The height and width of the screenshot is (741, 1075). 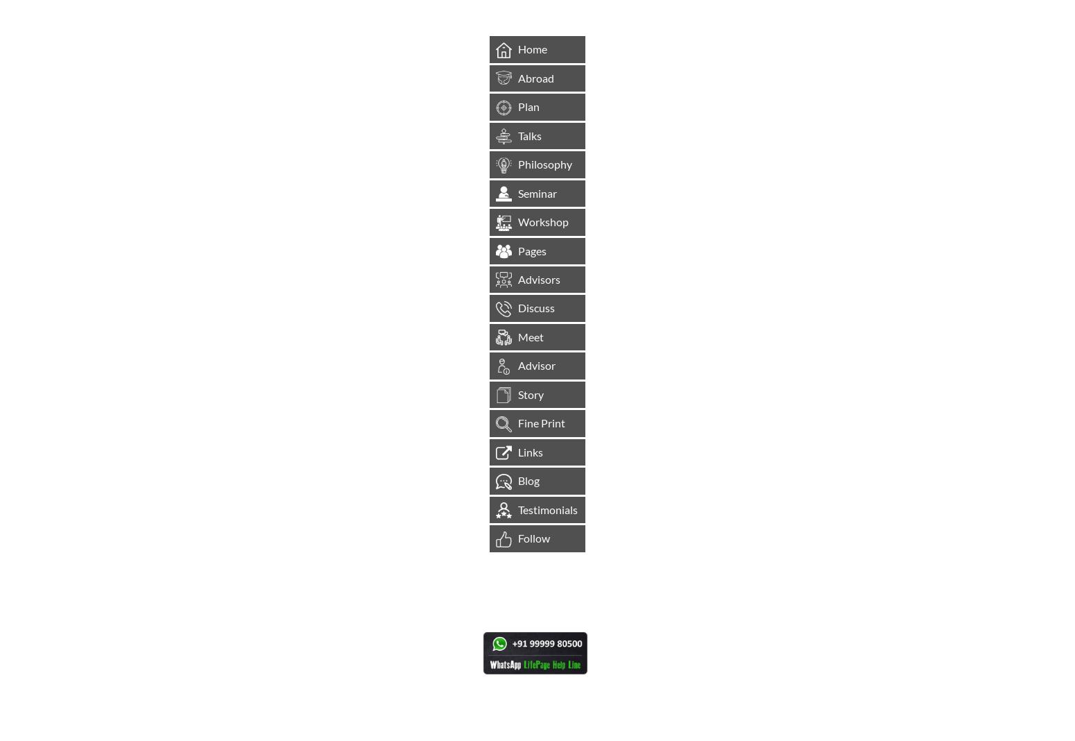 I want to click on 'Advisors', so click(x=538, y=279).